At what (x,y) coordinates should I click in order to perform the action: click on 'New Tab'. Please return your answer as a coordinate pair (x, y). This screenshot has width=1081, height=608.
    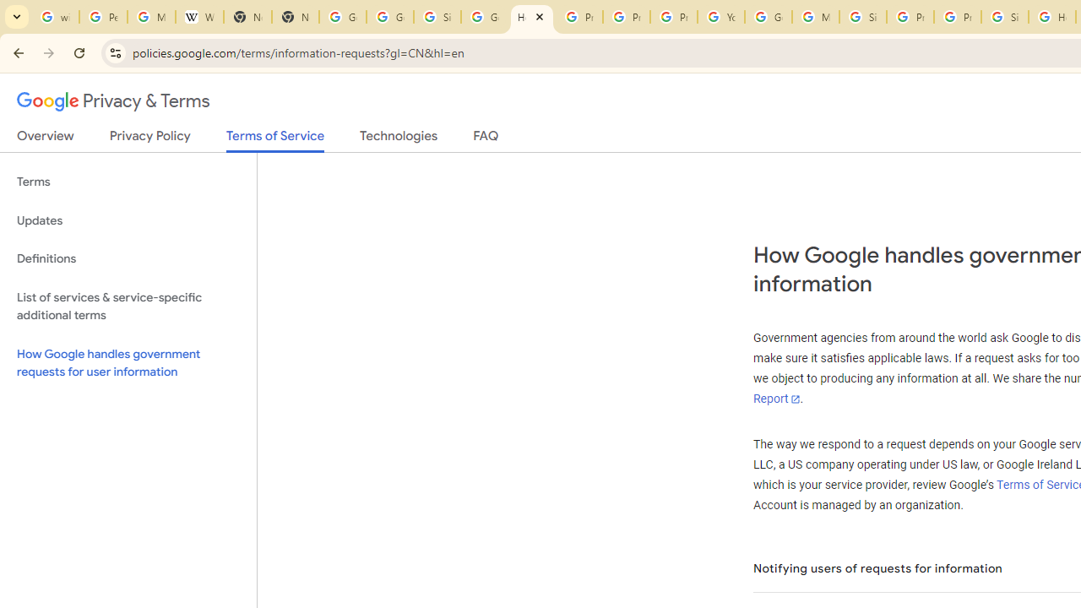
    Looking at the image, I should click on (296, 17).